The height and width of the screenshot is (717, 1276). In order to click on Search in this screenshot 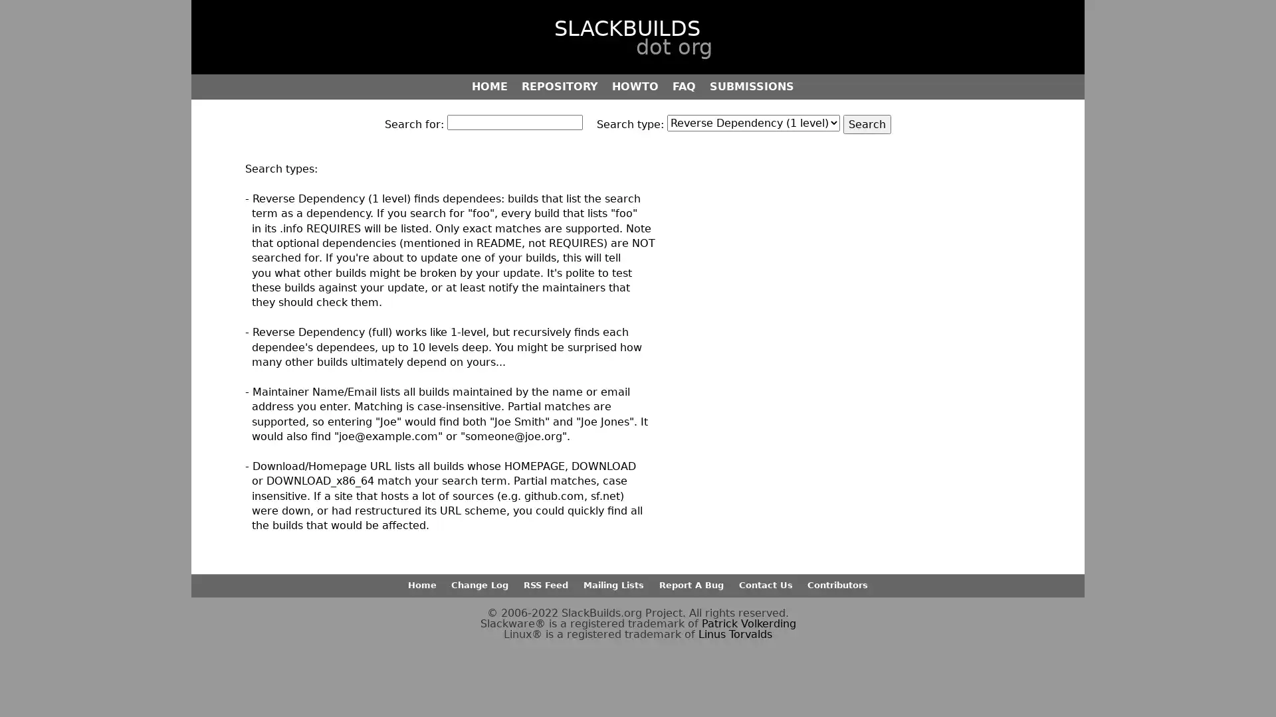, I will do `click(867, 123)`.